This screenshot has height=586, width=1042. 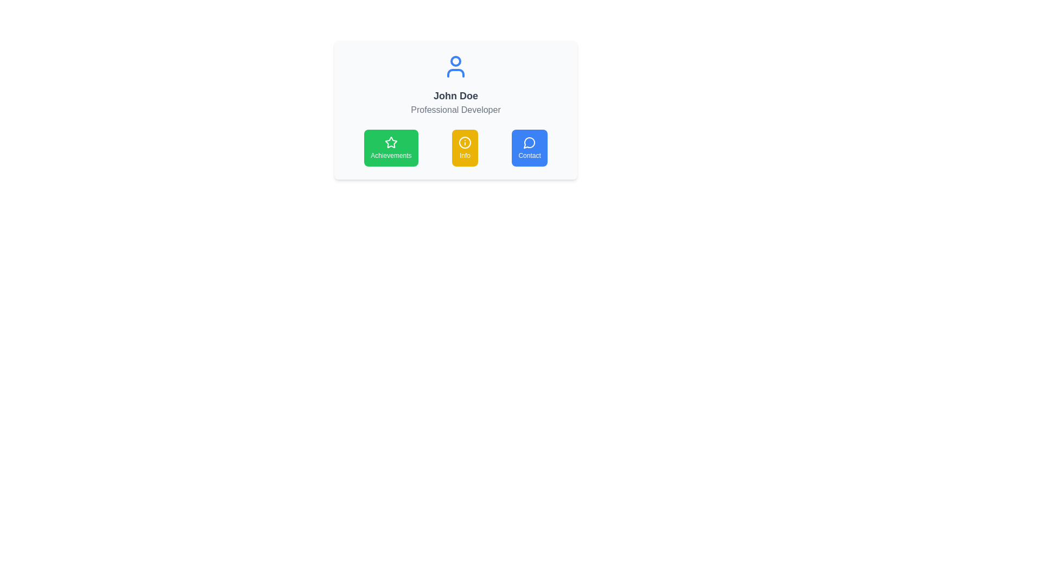 I want to click on the 'Info' button, which is a bright yellow rectangular button with white text and a circular 'i' icon, located below 'John Doe Professional Developer', so click(x=465, y=148).